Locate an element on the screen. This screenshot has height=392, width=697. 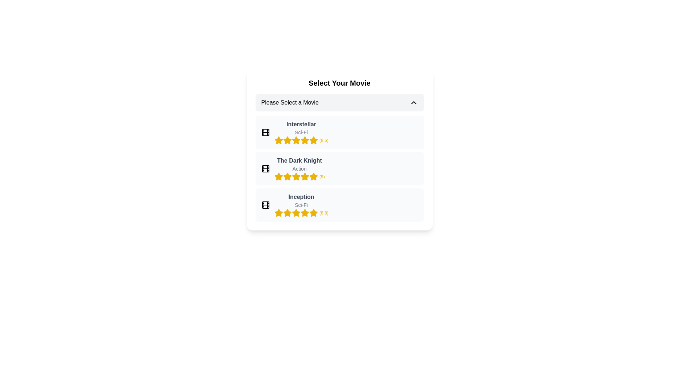
the first yellow star-shaped icon in the rating component for the movie 'Inception' located in the third content block is located at coordinates (278, 212).